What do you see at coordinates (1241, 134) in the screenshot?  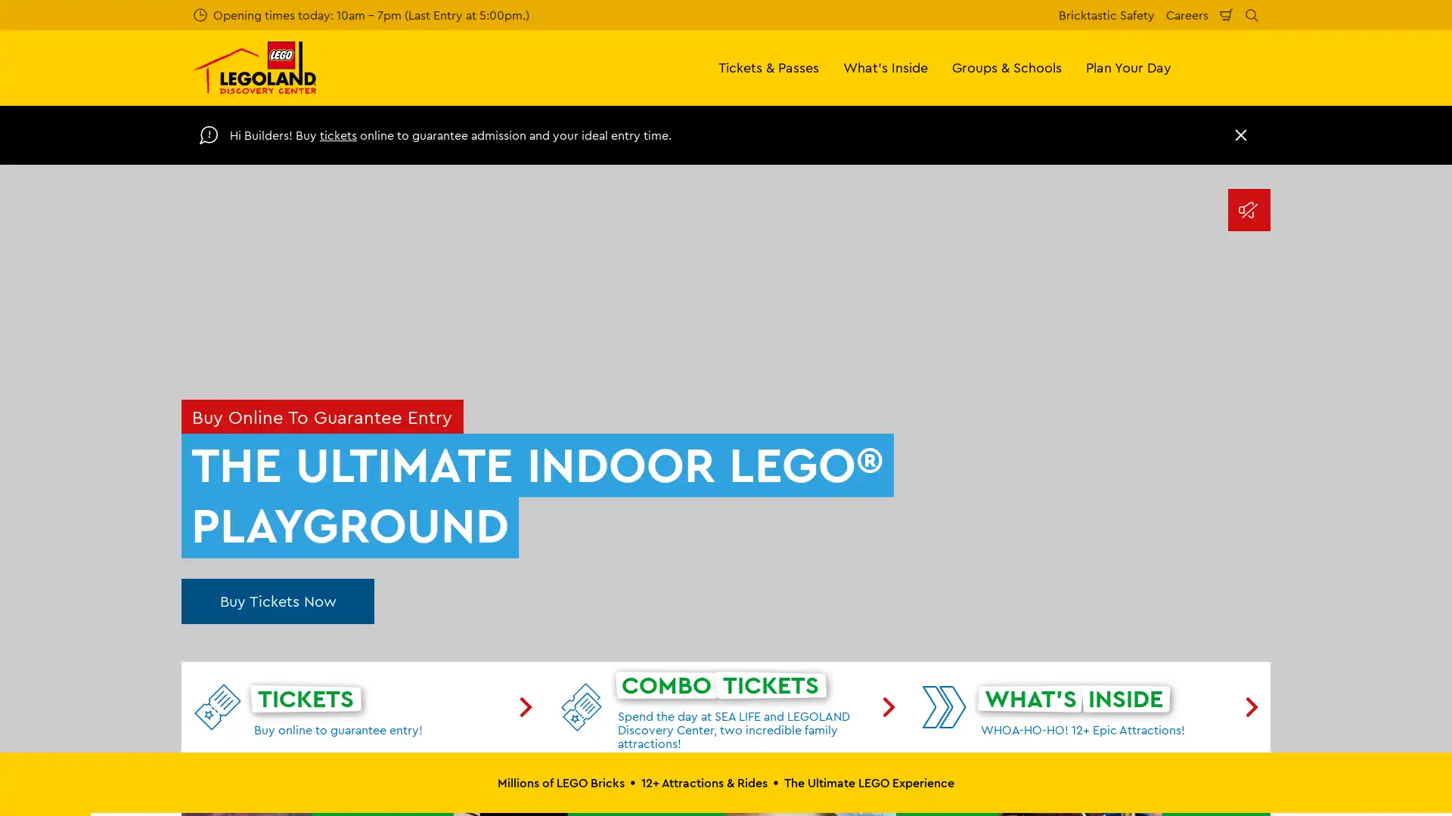 I see `Close` at bounding box center [1241, 134].